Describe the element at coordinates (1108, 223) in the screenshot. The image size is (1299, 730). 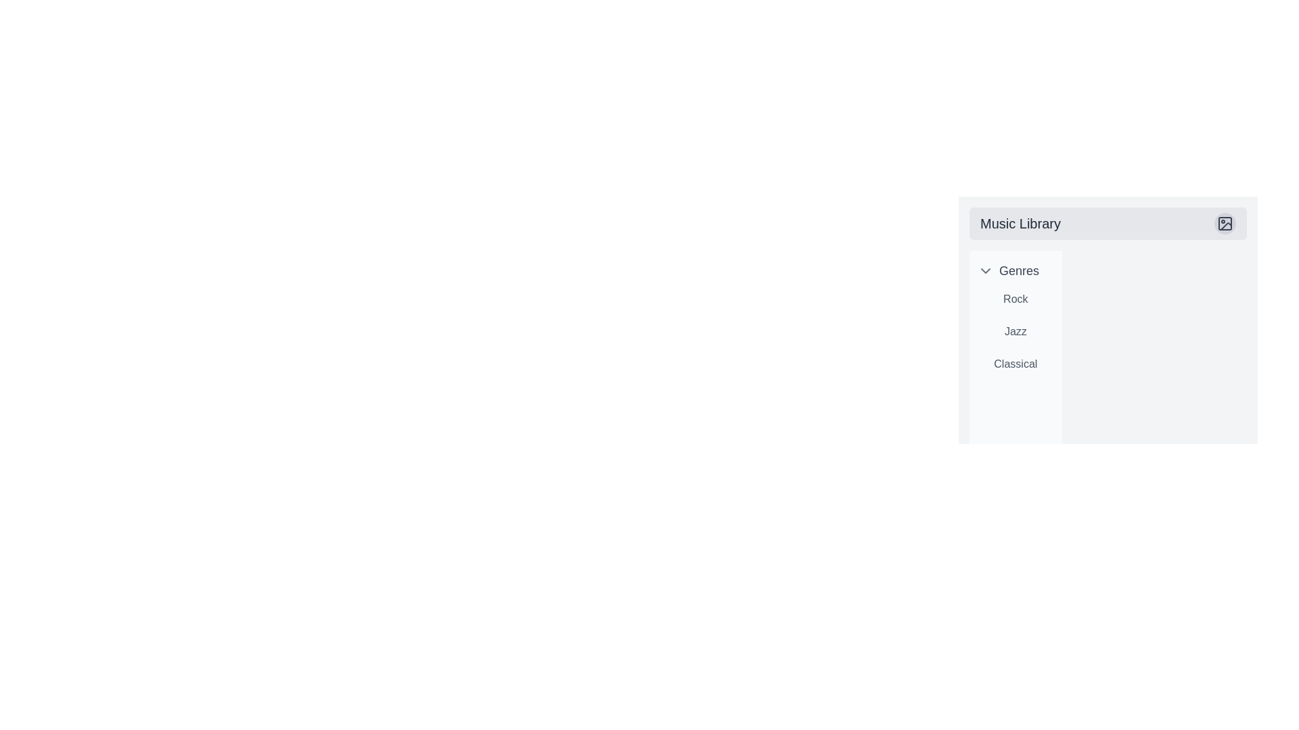
I see `the 'Music Library' text in the header element with a light gray background and a circular icon on the right` at that location.